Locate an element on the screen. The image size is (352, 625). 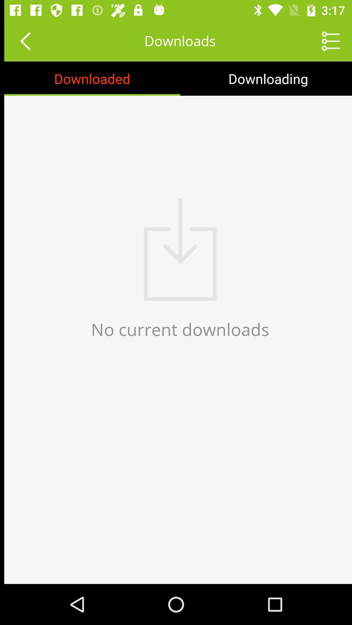
the icon to the left of downloads item is located at coordinates (21, 40).